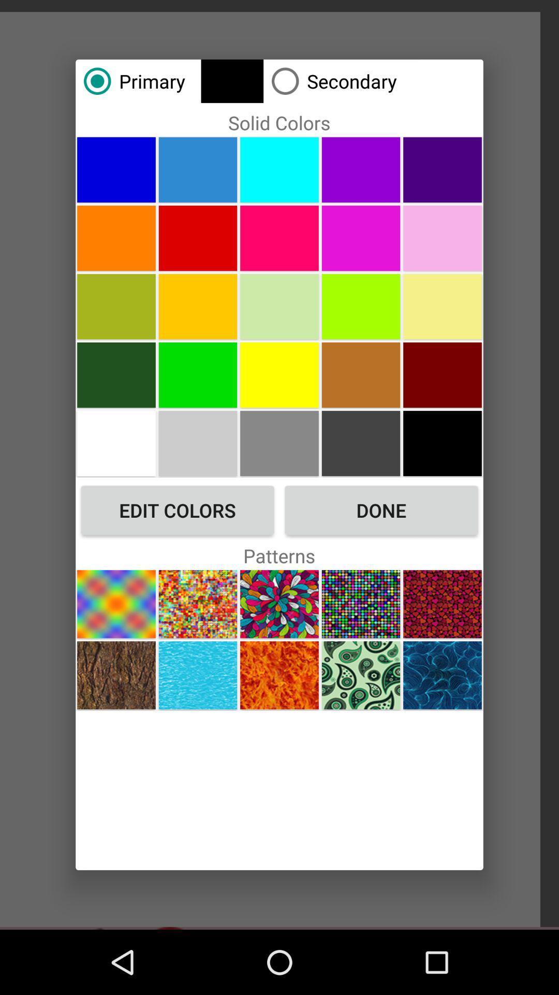 This screenshot has width=559, height=995. What do you see at coordinates (279, 374) in the screenshot?
I see `bright yellow color selection` at bounding box center [279, 374].